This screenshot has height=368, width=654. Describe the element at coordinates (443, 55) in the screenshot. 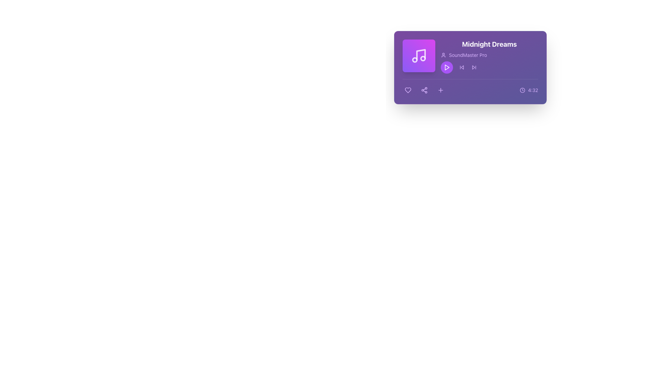

I see `the user icon represented by a purple-themed outline of a generic user figure, located within the music information card for 'Midnight Dreams' and aligned with the text 'SoundMaster Pro'` at that location.